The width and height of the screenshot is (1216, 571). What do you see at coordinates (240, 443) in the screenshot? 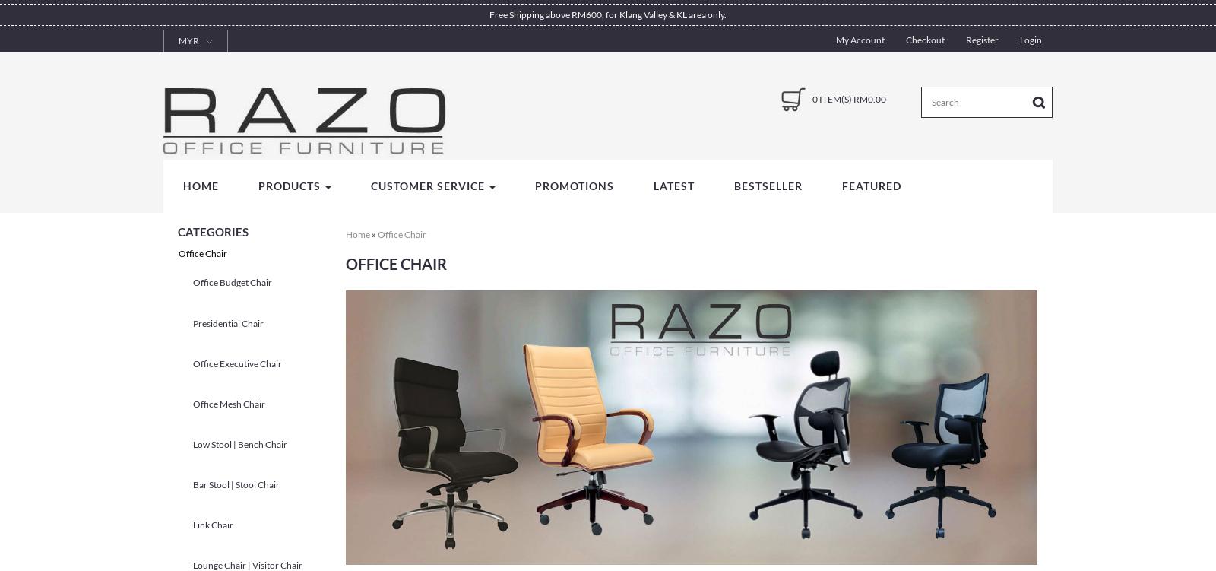
I see `'Low Stool | Bench Chair'` at bounding box center [240, 443].